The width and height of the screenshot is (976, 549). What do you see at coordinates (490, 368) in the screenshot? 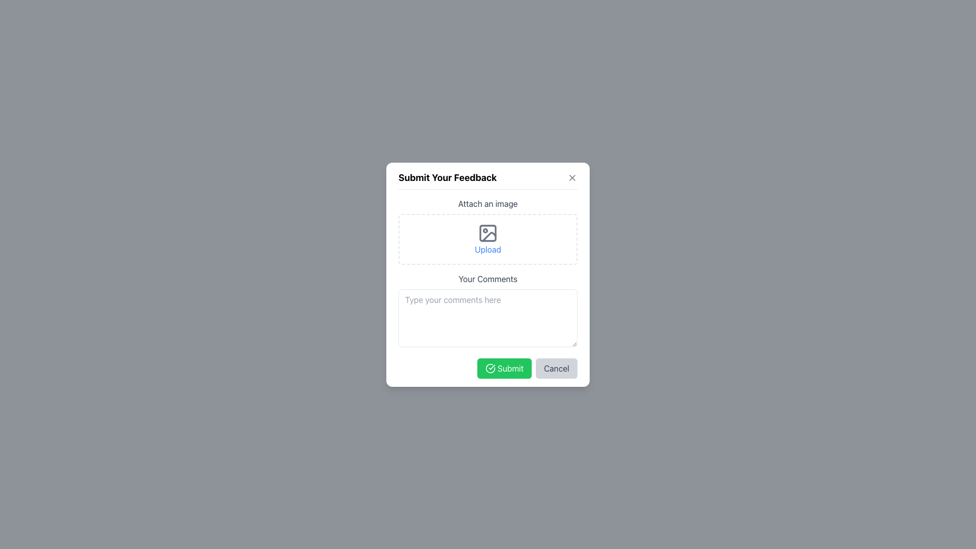
I see `the circular checkmark icon located within the top-left corner of the green 'Submit' button` at bounding box center [490, 368].